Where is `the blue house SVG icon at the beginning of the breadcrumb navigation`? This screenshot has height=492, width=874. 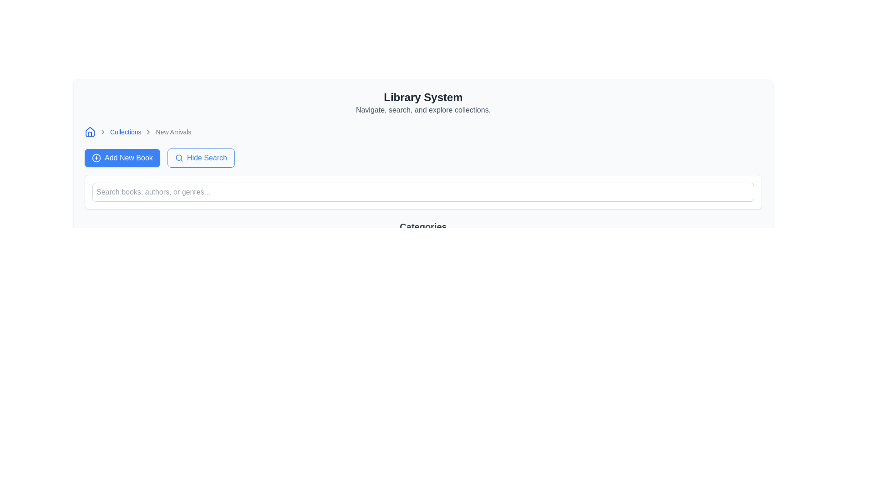 the blue house SVG icon at the beginning of the breadcrumb navigation is located at coordinates (90, 132).